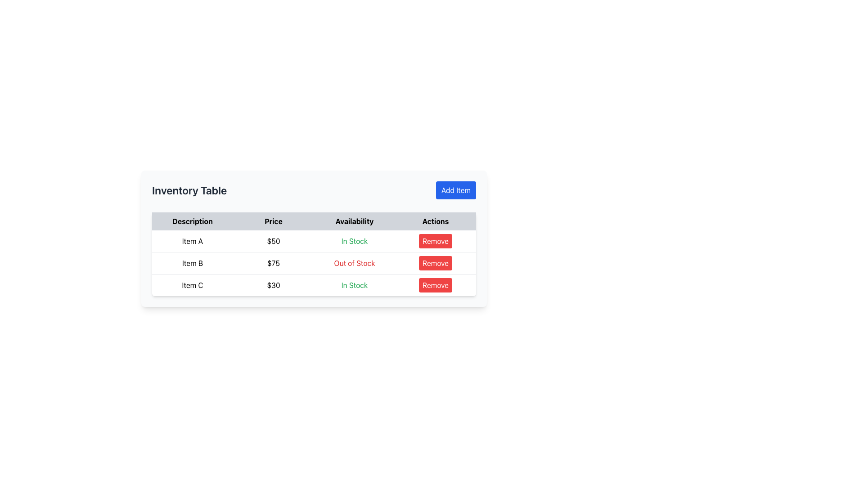  Describe the element at coordinates (273, 263) in the screenshot. I see `the static text label displaying the price '$75' located under the 'Price' column for 'Item B', positioned between the description and availability status` at that location.